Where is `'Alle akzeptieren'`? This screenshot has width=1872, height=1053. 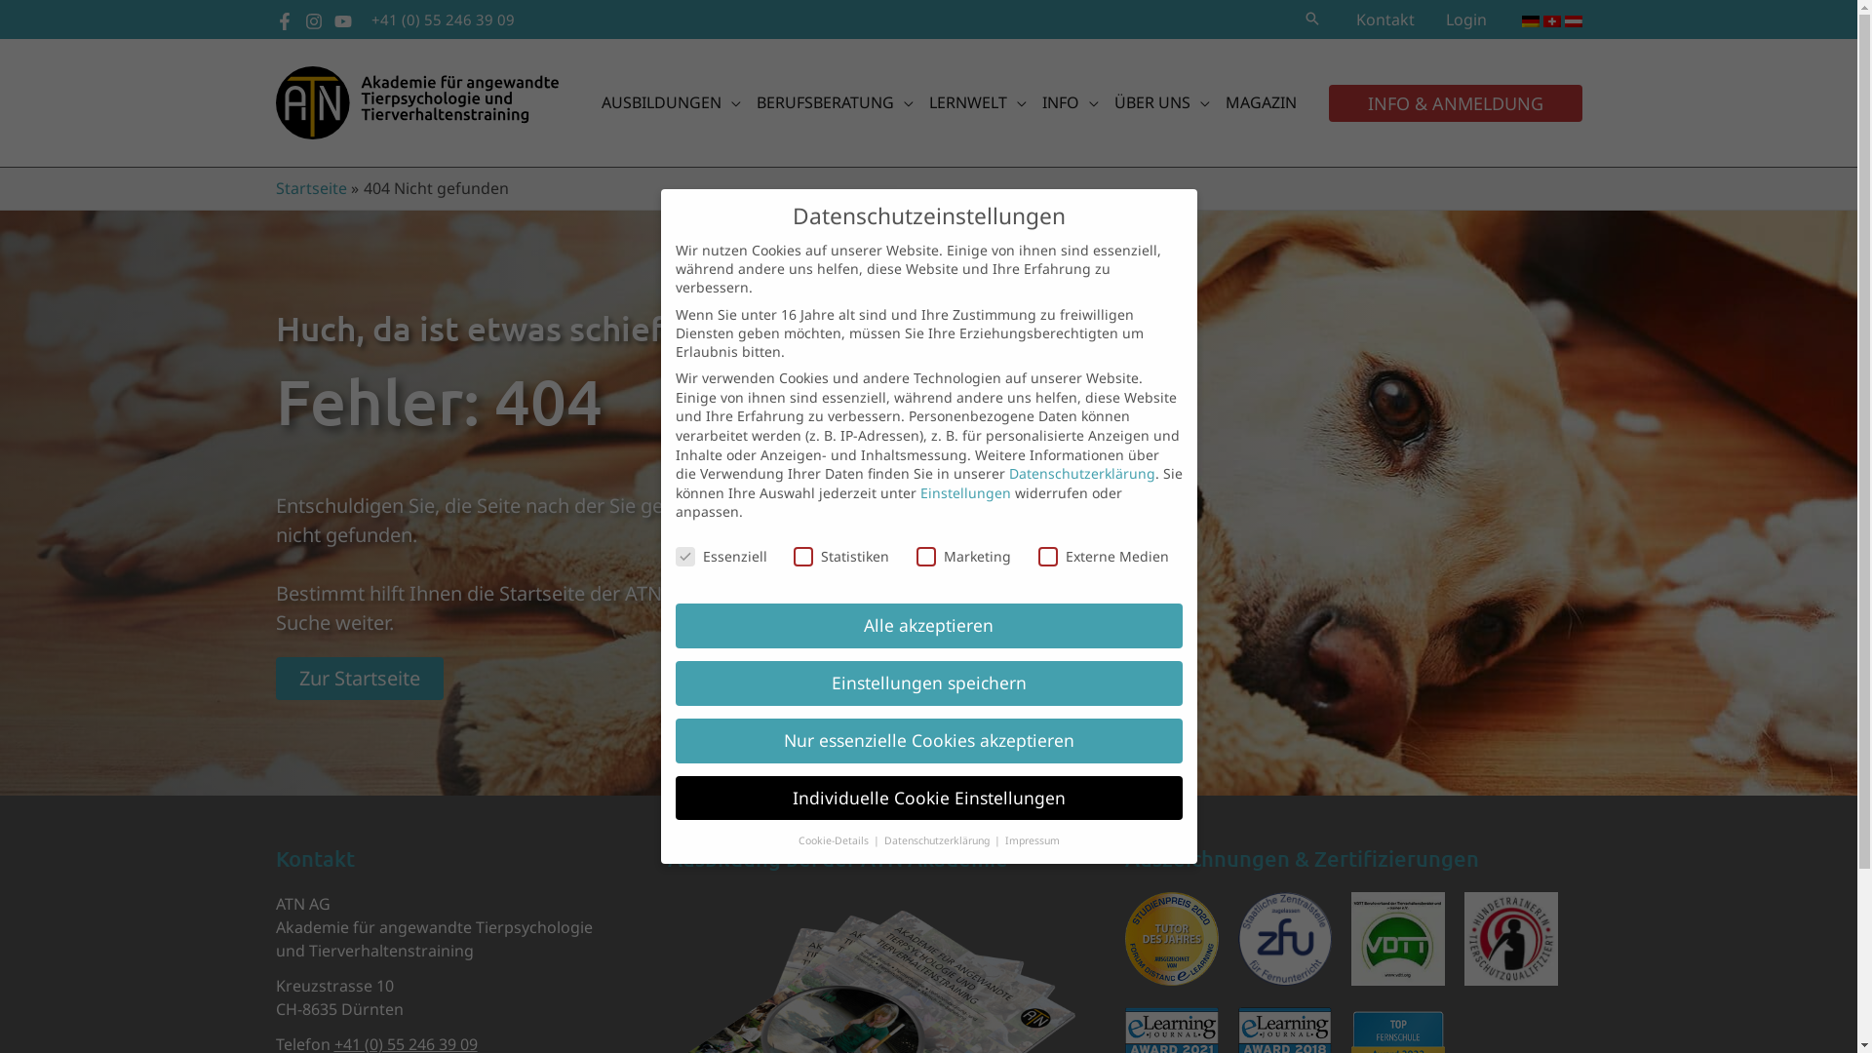
'Alle akzeptieren' is located at coordinates (926, 625).